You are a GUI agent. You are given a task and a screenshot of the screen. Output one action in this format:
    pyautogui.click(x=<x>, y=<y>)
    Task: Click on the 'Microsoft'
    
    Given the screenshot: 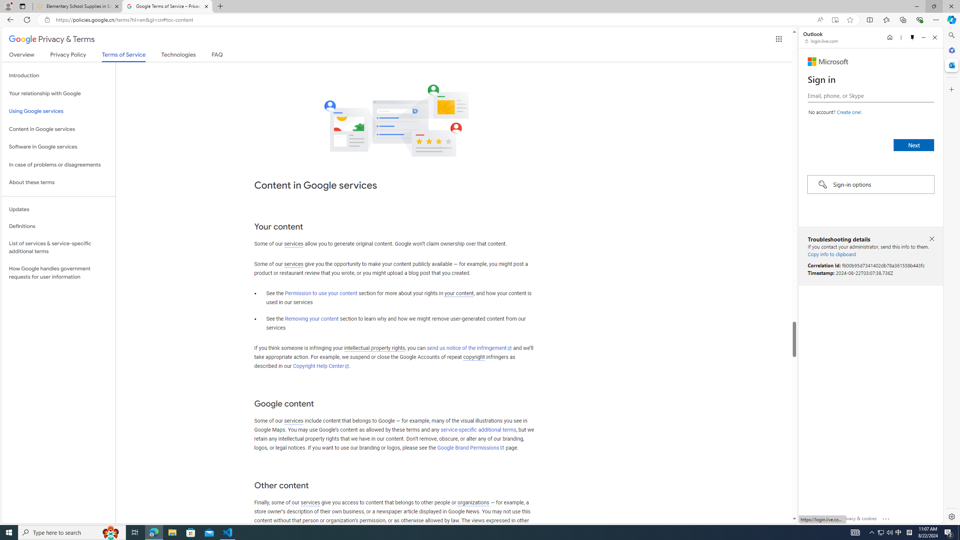 What is the action you would take?
    pyautogui.click(x=828, y=61)
    